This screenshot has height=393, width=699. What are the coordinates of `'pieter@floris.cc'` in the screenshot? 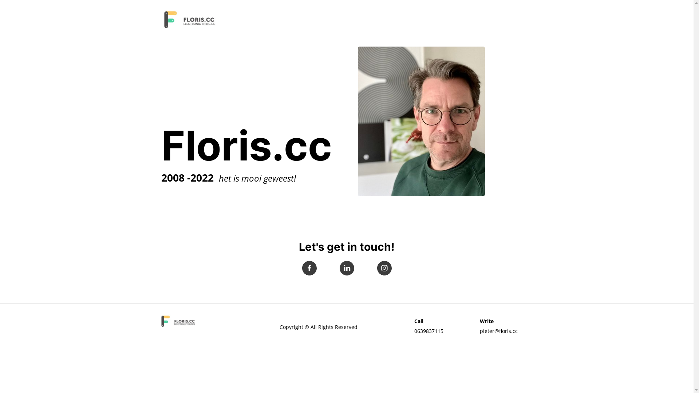 It's located at (498, 331).